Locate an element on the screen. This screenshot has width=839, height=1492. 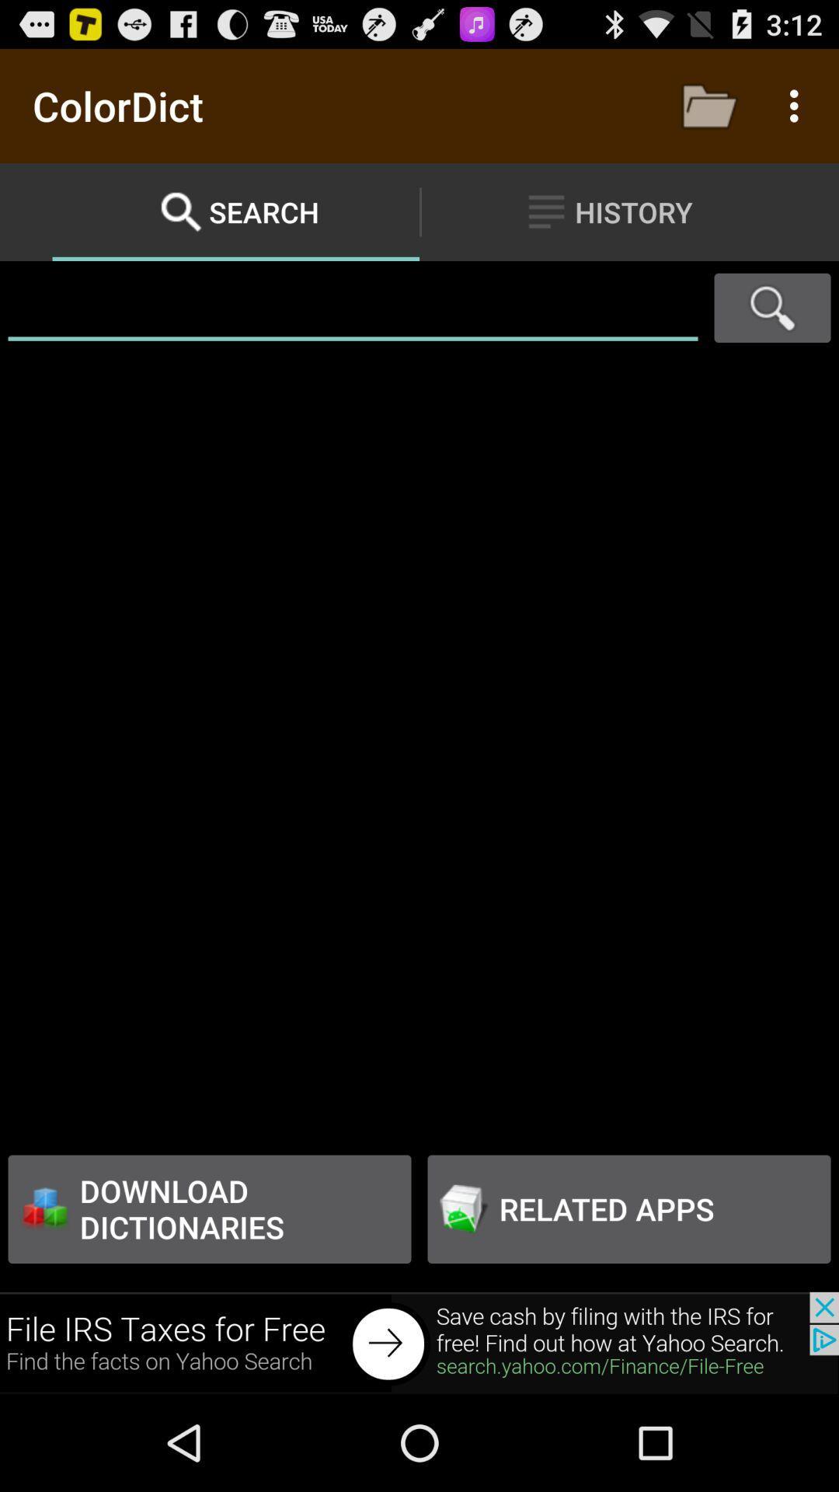
the search icon is located at coordinates (772, 329).